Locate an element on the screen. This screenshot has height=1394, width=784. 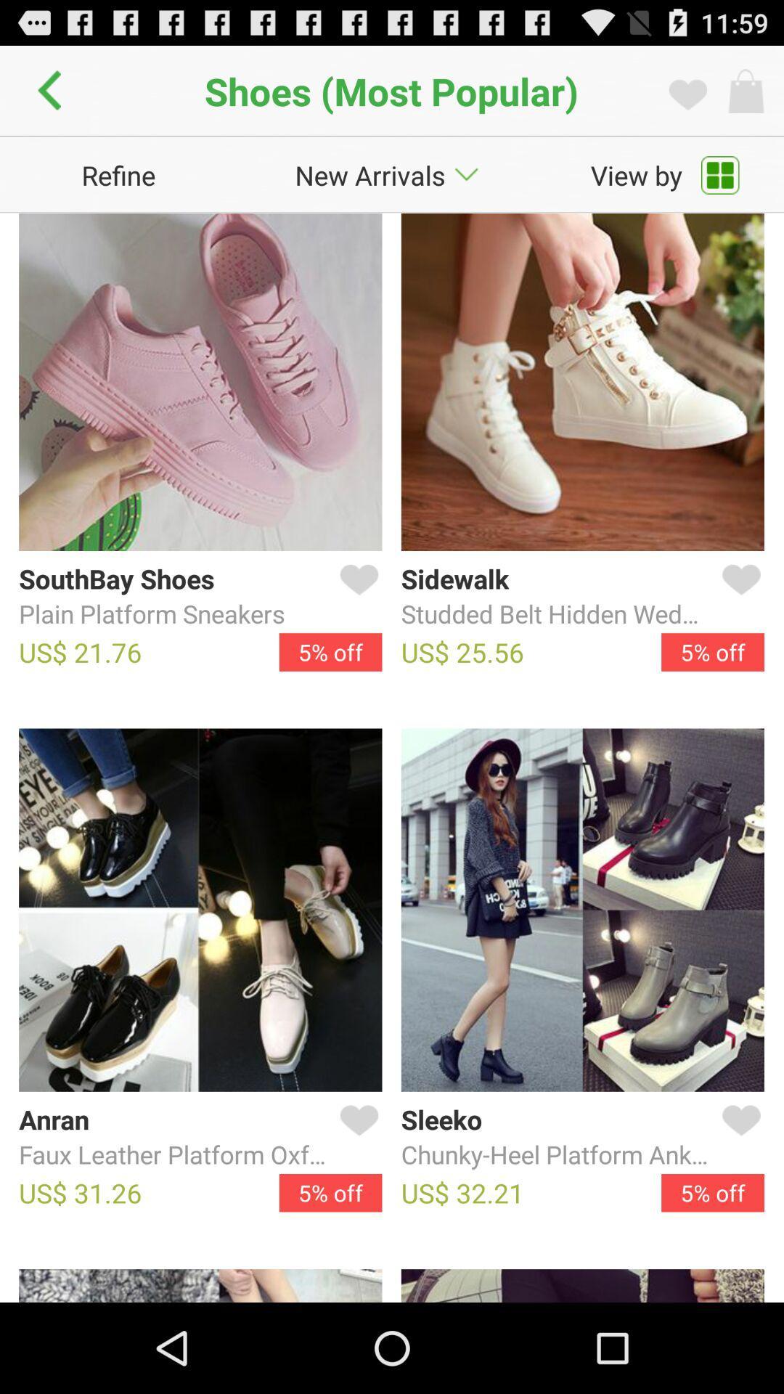
give like is located at coordinates (738, 1137).